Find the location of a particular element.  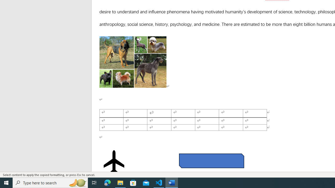

'Morphological variation in six dogs' is located at coordinates (133, 62).